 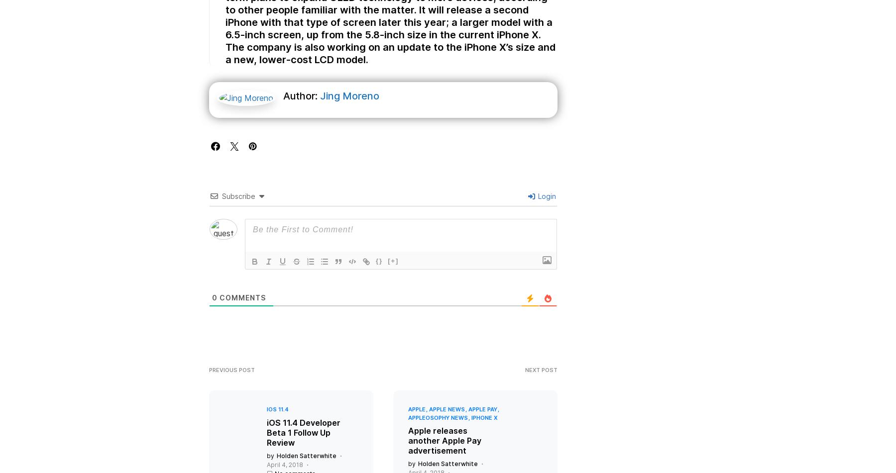 I want to click on '0', so click(x=215, y=306).